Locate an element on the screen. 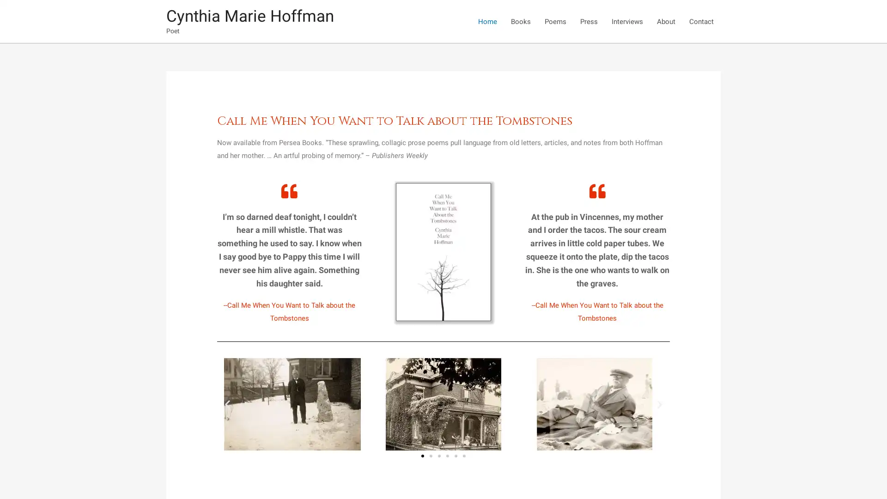  Go to slide 6 is located at coordinates (464, 456).